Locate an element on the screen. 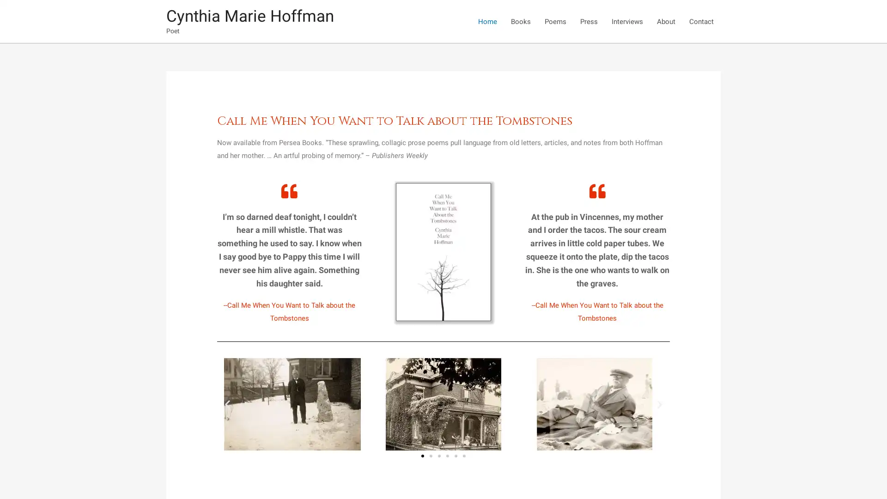  Go to slide 6 is located at coordinates (464, 456).